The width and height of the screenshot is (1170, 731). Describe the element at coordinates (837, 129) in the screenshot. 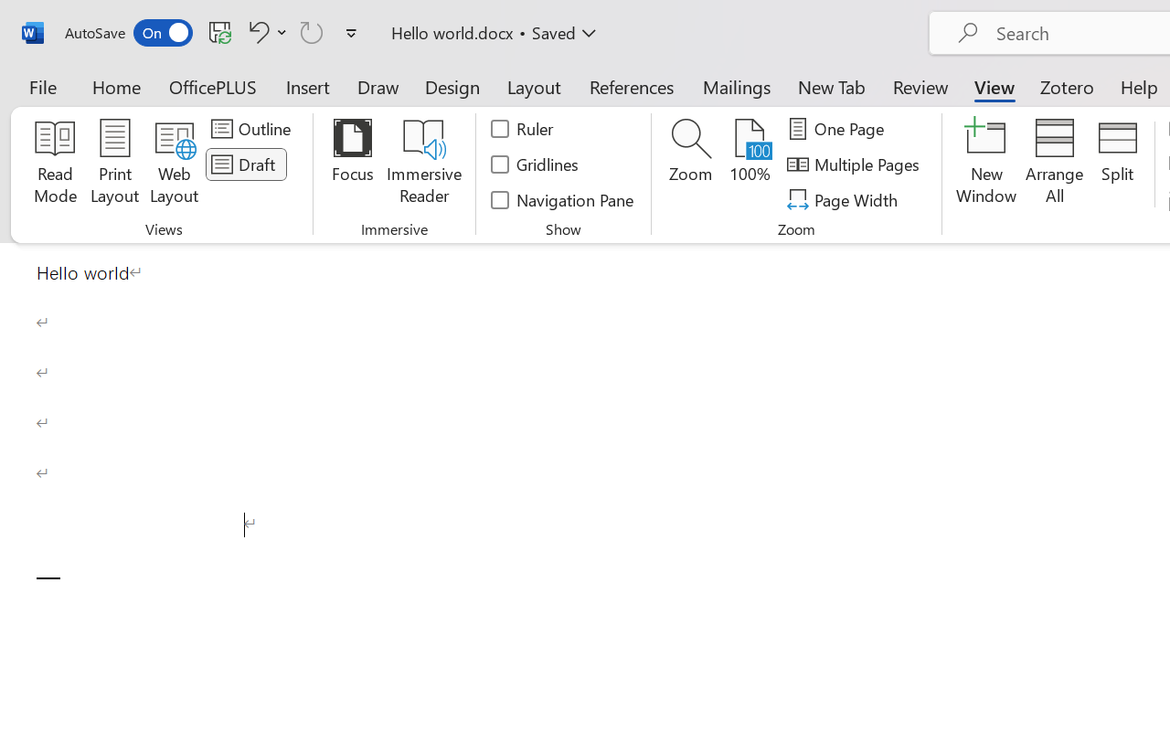

I see `'One Page'` at that location.